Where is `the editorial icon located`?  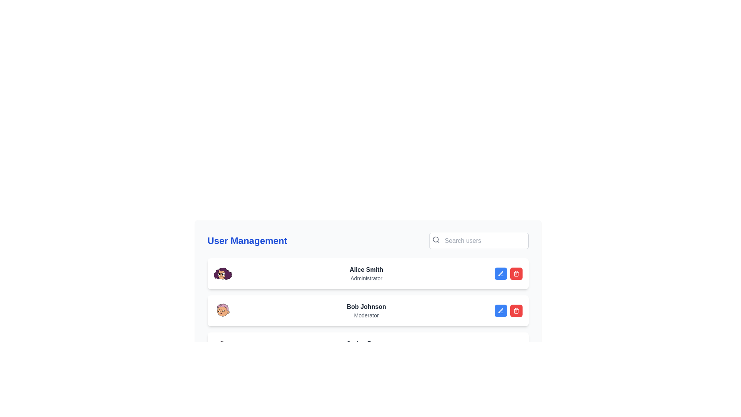
the editorial icon located is located at coordinates (501, 310).